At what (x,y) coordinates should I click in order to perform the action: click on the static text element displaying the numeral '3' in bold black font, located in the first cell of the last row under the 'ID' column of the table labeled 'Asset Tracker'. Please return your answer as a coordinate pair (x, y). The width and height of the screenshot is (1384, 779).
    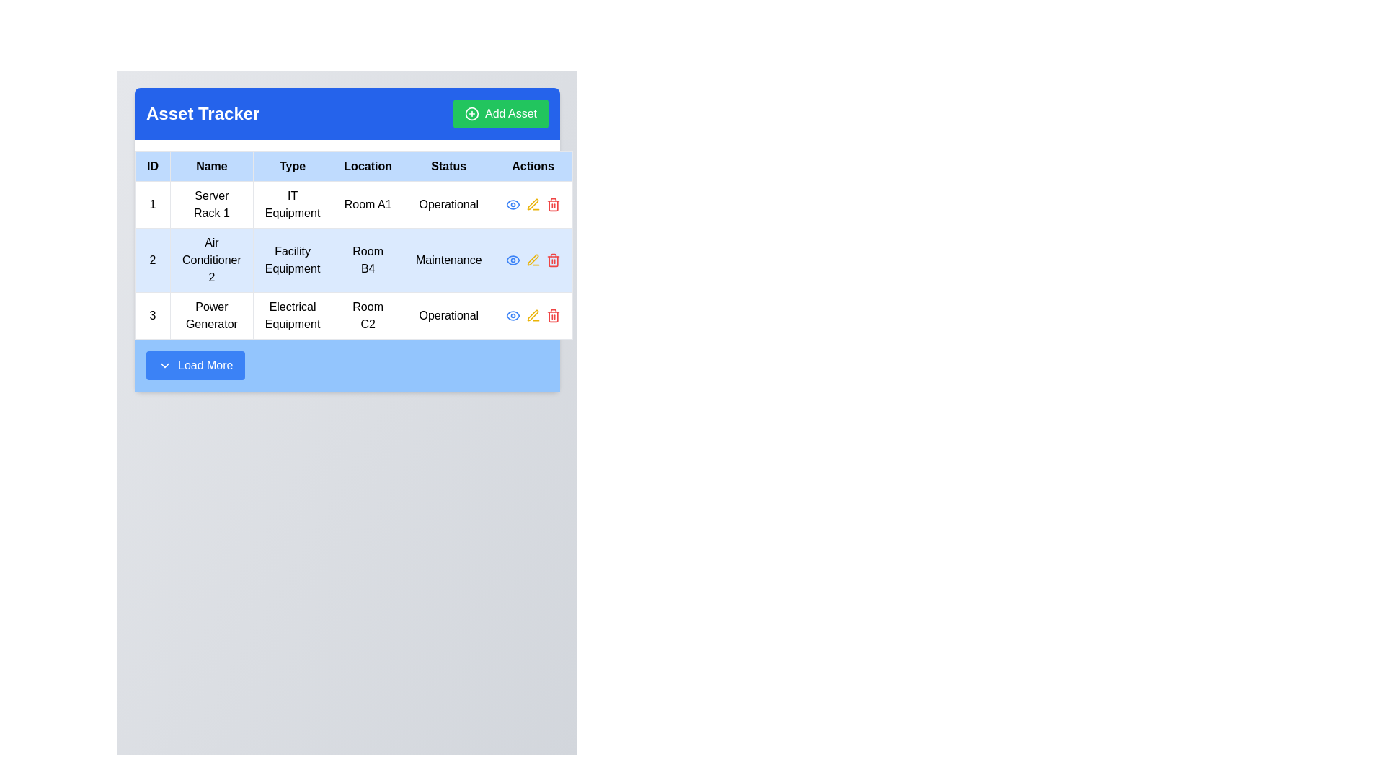
    Looking at the image, I should click on (152, 315).